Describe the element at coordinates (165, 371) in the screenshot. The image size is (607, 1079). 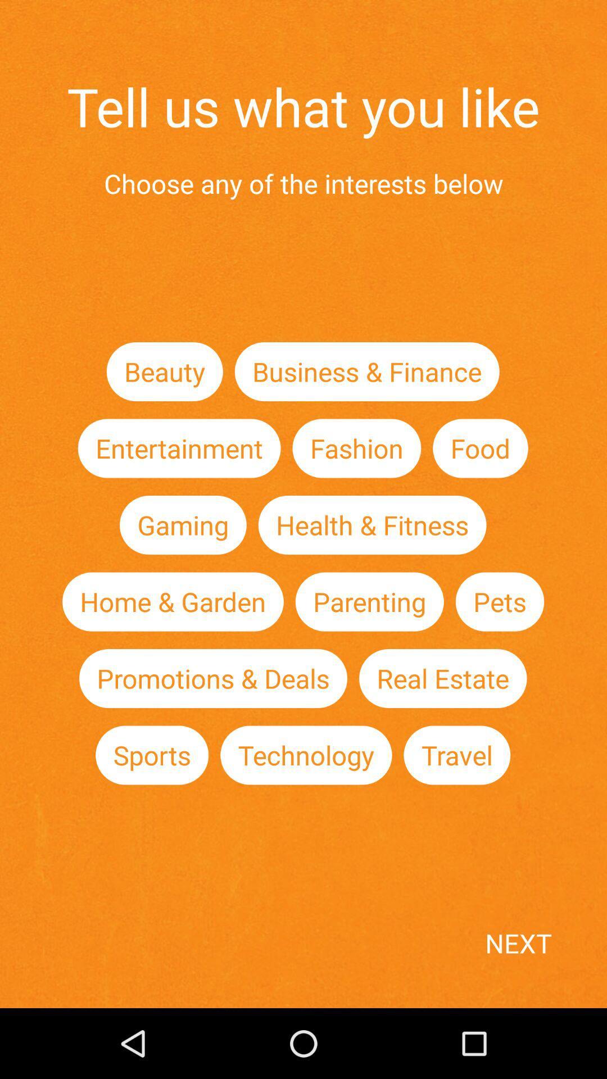
I see `beauty icon` at that location.